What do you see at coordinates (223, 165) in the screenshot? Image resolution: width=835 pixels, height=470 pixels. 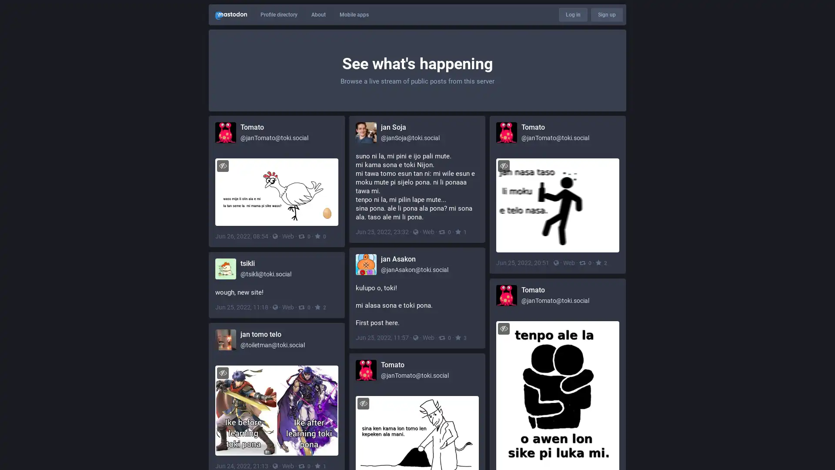 I see `Hide image` at bounding box center [223, 165].